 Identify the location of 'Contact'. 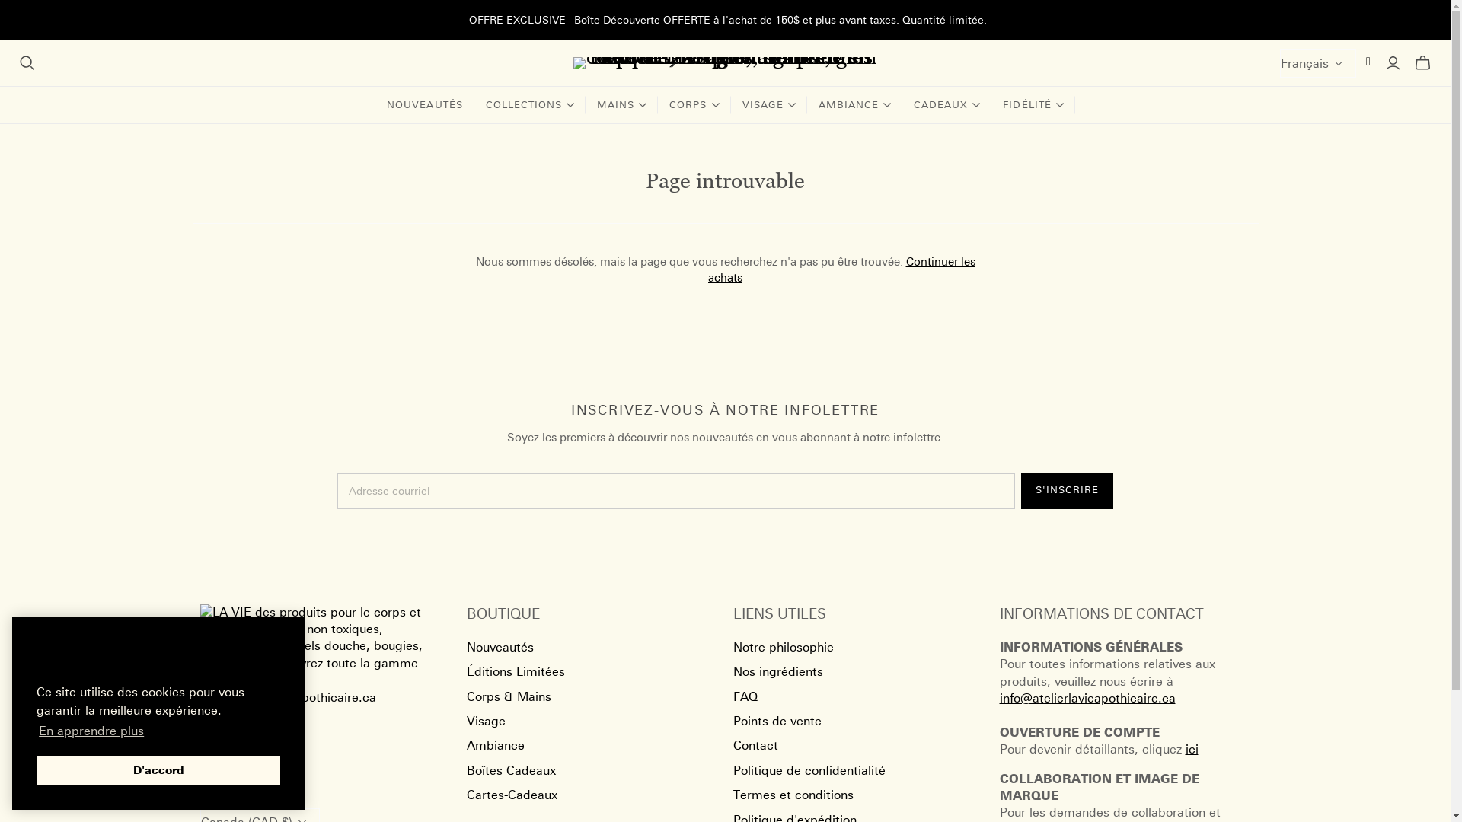
(732, 744).